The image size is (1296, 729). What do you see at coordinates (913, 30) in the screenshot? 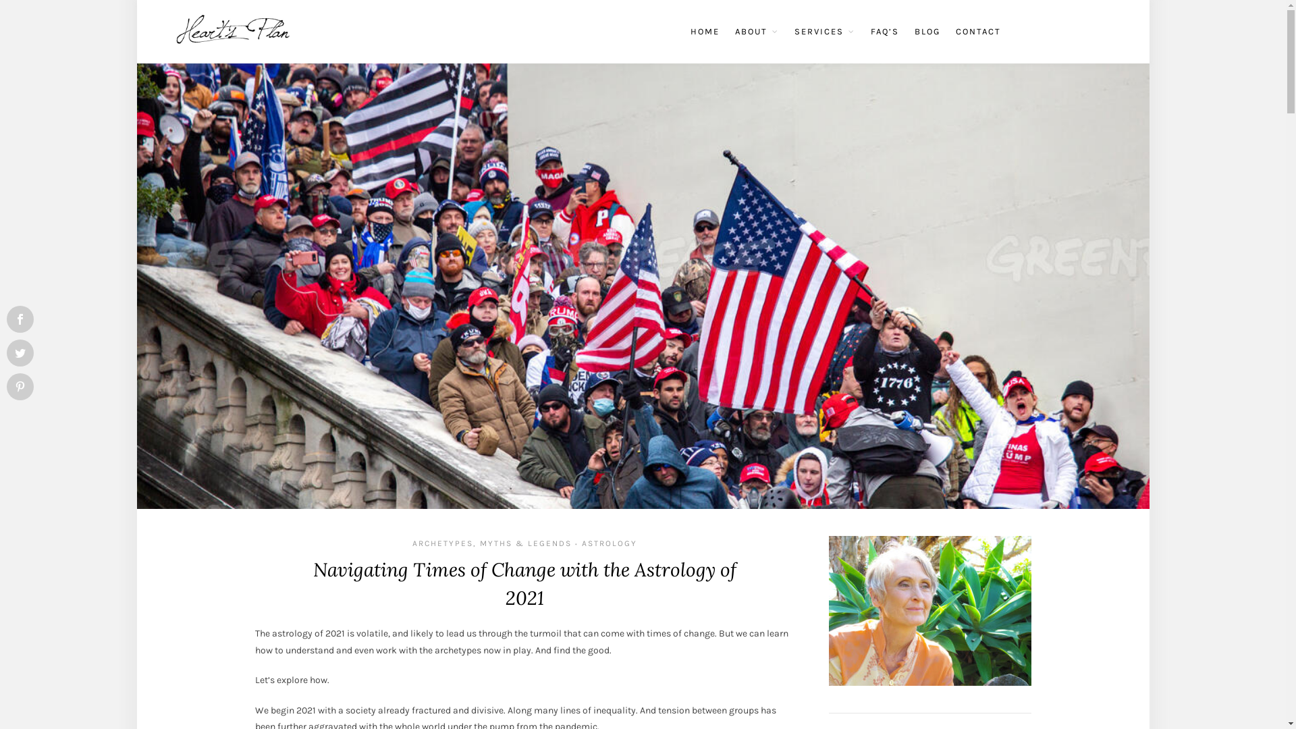
I see `'BLOG'` at bounding box center [913, 30].